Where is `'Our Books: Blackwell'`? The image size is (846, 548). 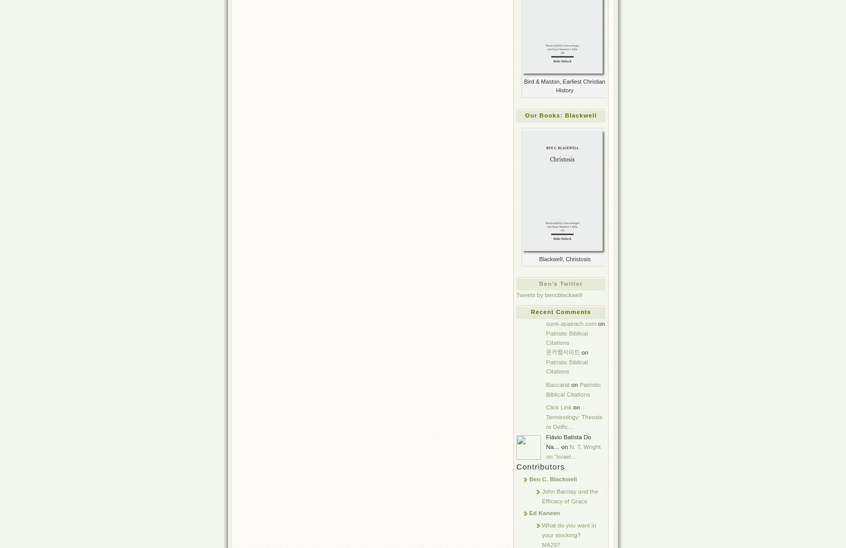
'Our Books: Blackwell' is located at coordinates (560, 114).